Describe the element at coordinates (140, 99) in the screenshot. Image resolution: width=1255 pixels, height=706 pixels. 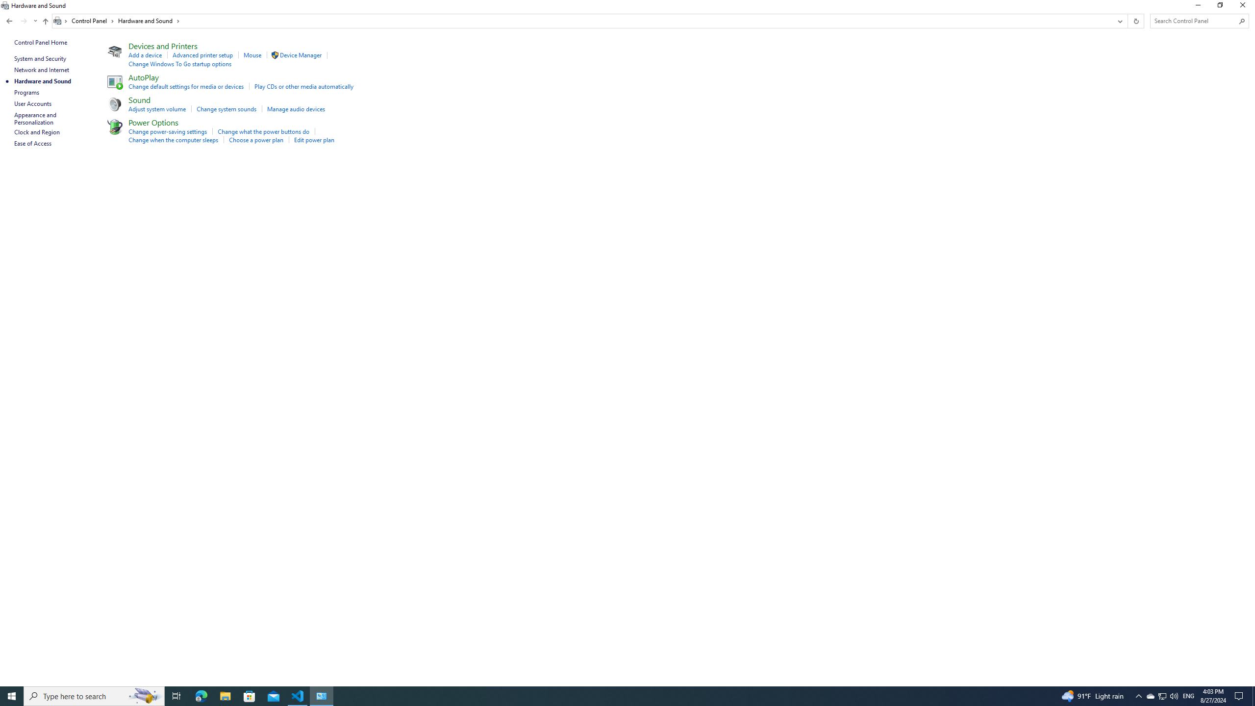
I see `'Sound'` at that location.